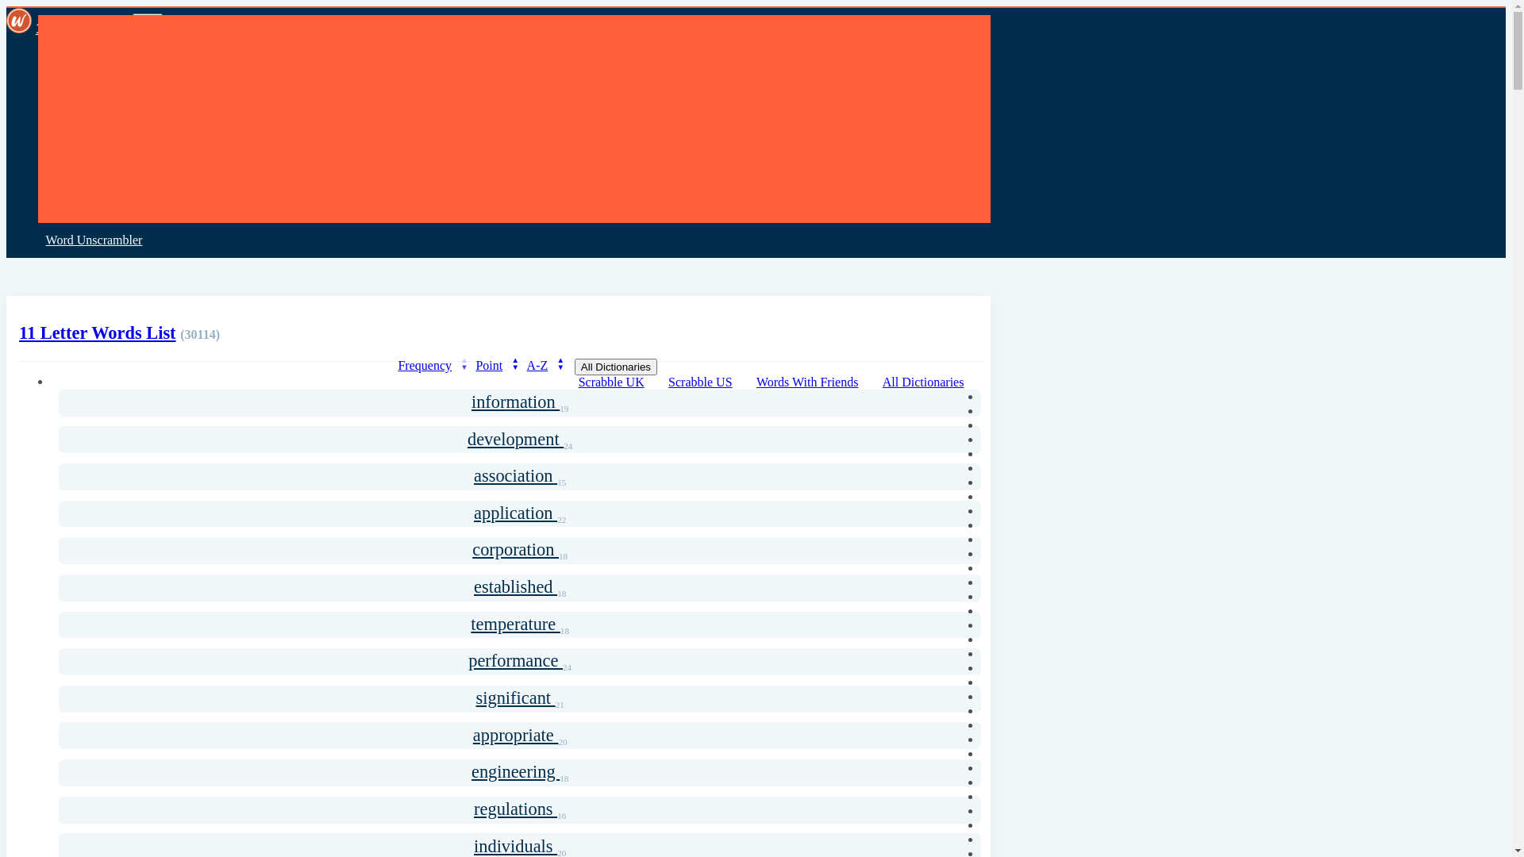  Describe the element at coordinates (434, 366) in the screenshot. I see `'Frequency'` at that location.